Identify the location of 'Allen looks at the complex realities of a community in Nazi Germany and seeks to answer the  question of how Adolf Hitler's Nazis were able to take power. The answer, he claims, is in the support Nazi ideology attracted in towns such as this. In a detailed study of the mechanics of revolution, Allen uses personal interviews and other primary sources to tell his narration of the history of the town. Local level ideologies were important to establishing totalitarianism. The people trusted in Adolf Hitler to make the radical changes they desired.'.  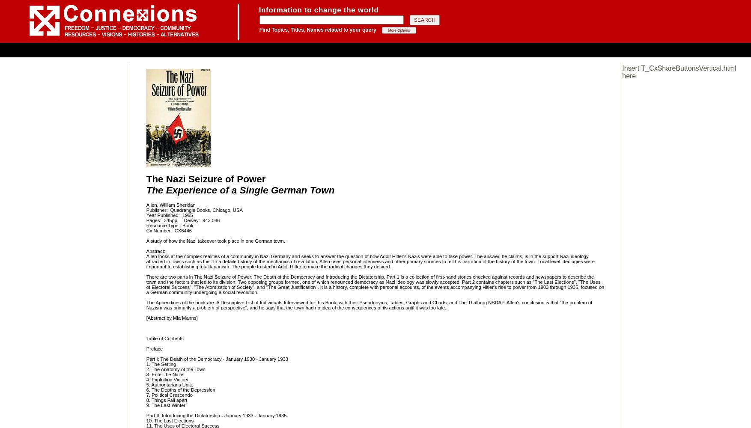
(370, 261).